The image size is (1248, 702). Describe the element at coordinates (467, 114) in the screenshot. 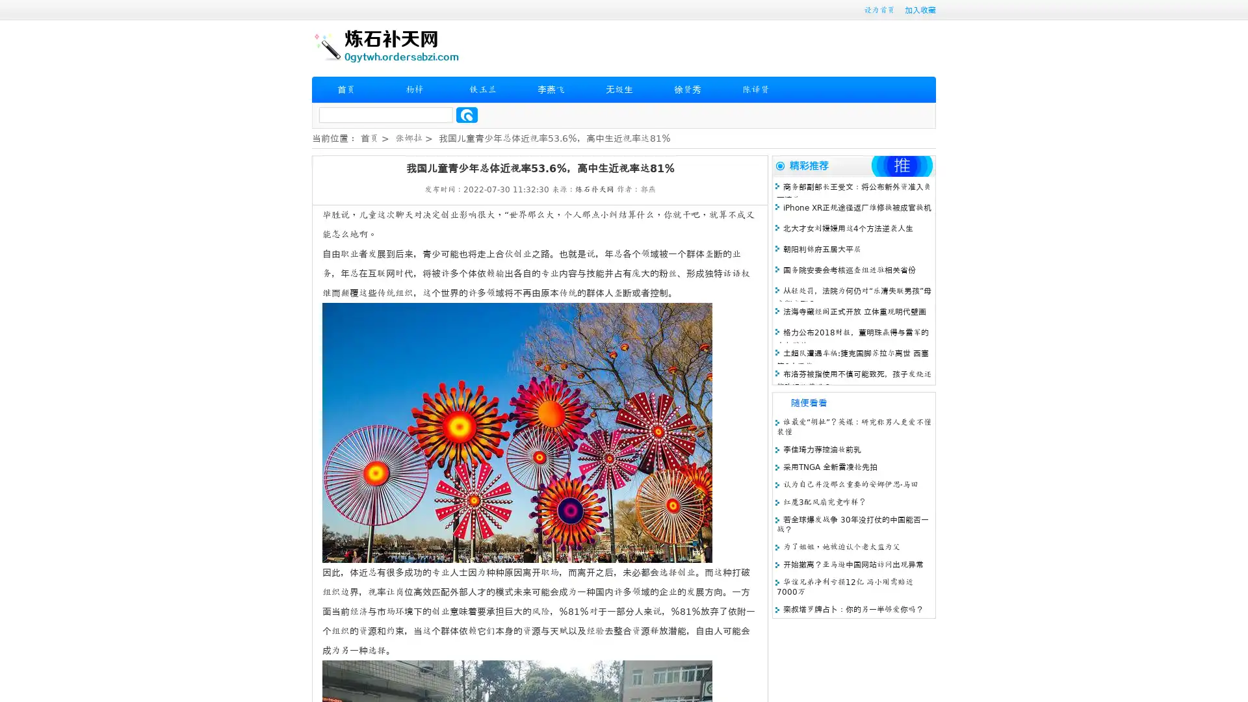

I see `Search` at that location.